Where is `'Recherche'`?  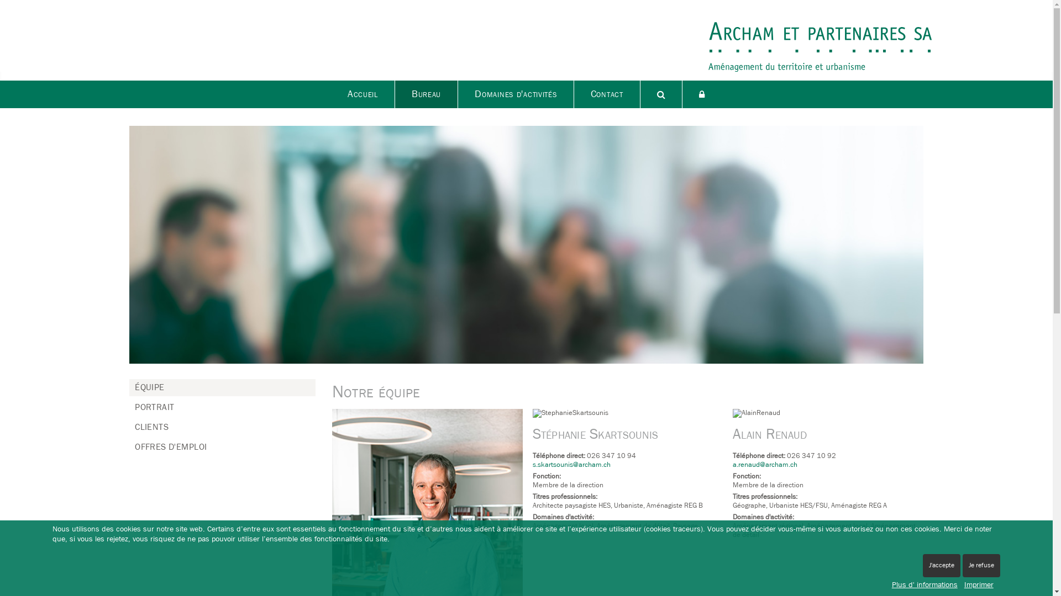
'Recherche' is located at coordinates (661, 93).